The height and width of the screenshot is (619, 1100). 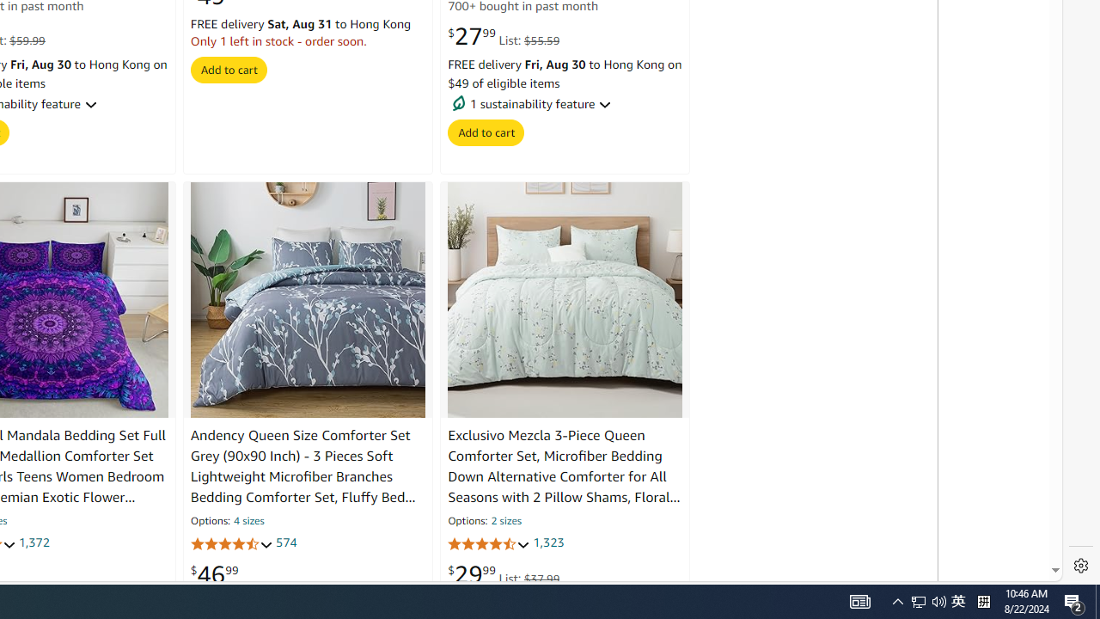 What do you see at coordinates (285, 543) in the screenshot?
I see `'574'` at bounding box center [285, 543].